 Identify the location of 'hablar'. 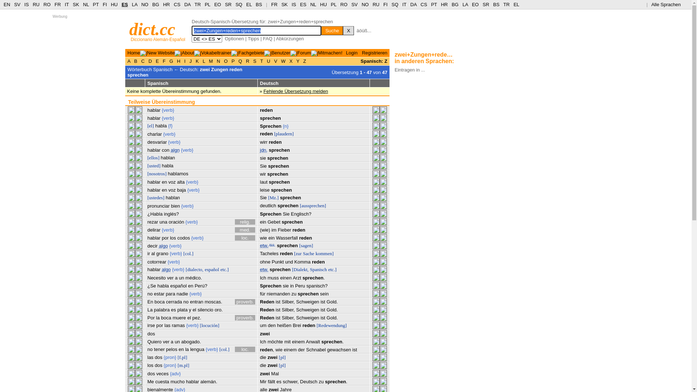
(147, 269).